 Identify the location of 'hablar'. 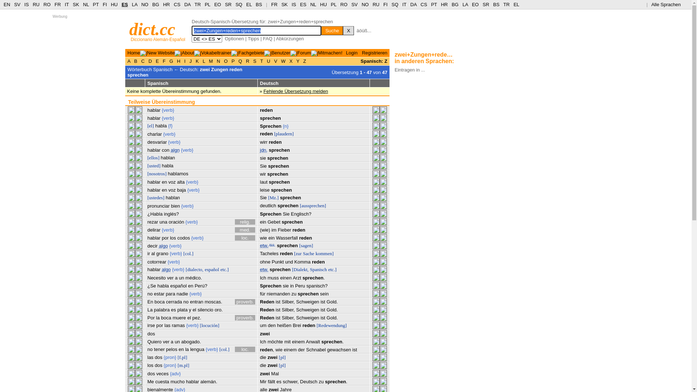
(147, 269).